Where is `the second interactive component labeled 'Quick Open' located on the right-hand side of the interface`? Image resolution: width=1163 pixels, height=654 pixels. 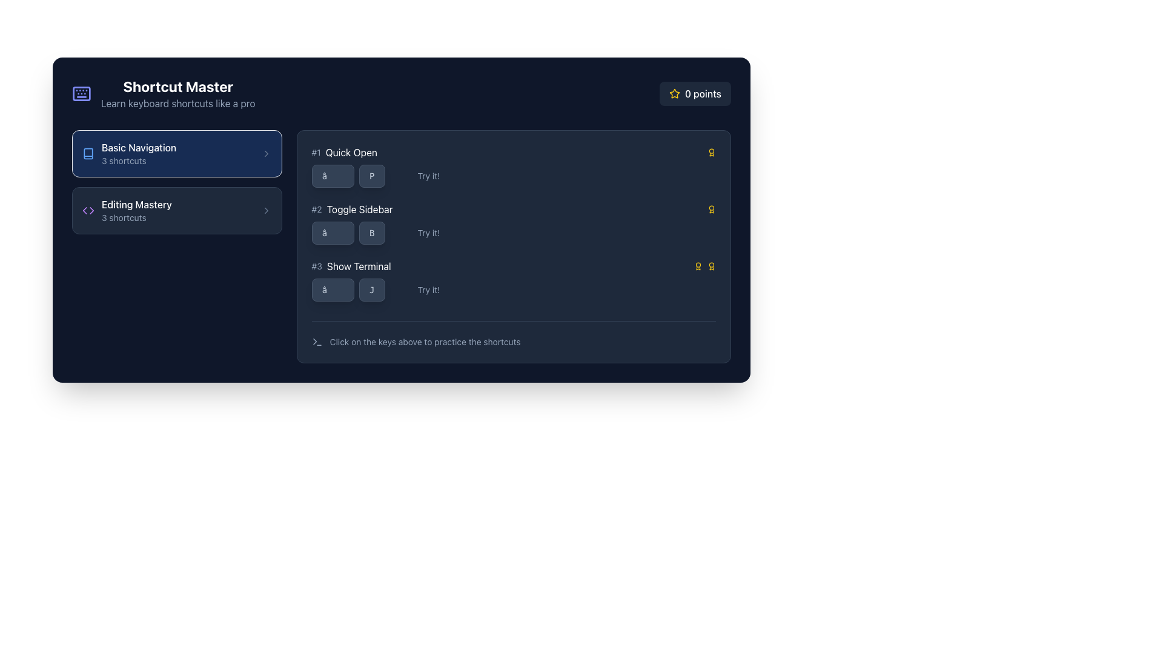
the second interactive component labeled 'Quick Open' located on the right-hand side of the interface is located at coordinates (420, 176).